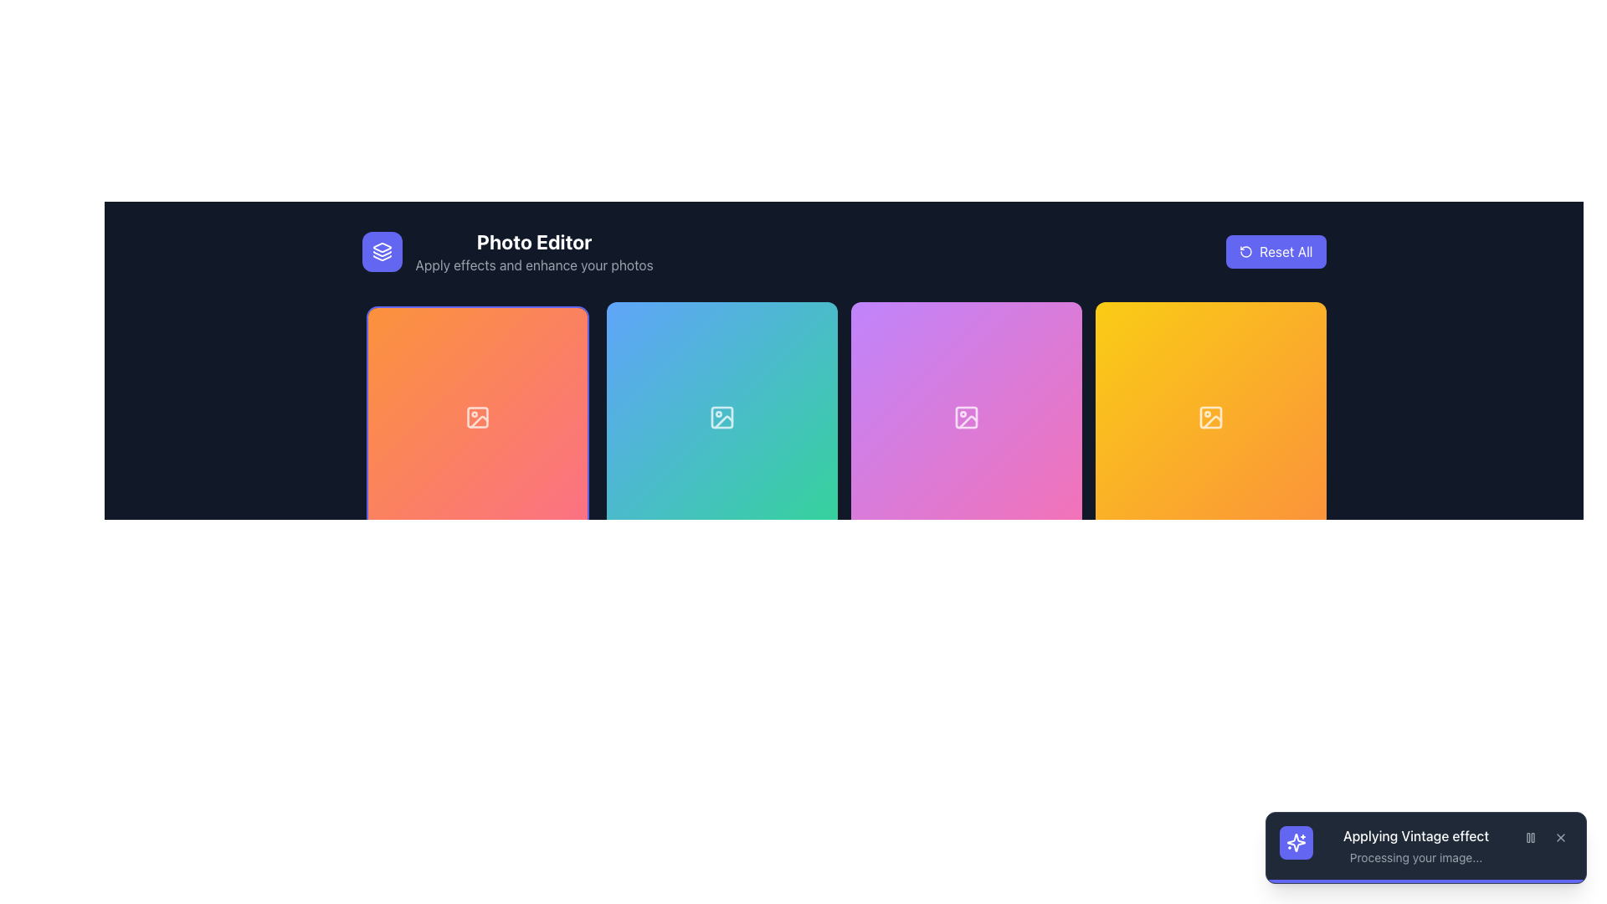 The image size is (1607, 904). What do you see at coordinates (1296, 842) in the screenshot?
I see `the star-like icon with sparkles, styled in white and rendered within a circular design, located within a blue rounded rectangle at the bottom right corner of the interface` at bounding box center [1296, 842].